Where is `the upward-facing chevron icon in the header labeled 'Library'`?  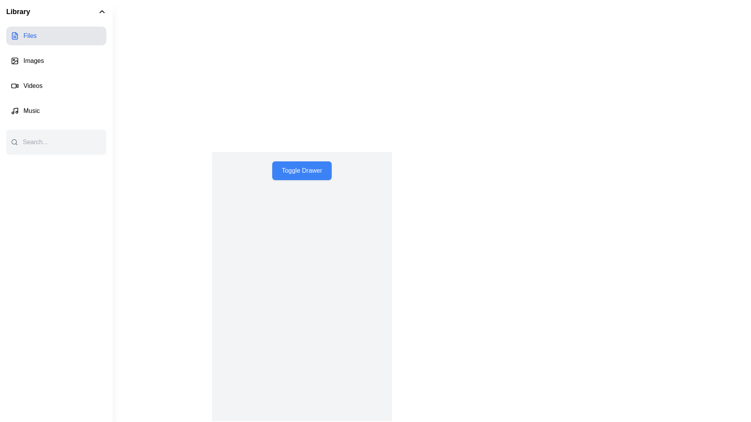
the upward-facing chevron icon in the header labeled 'Library' is located at coordinates (101, 12).